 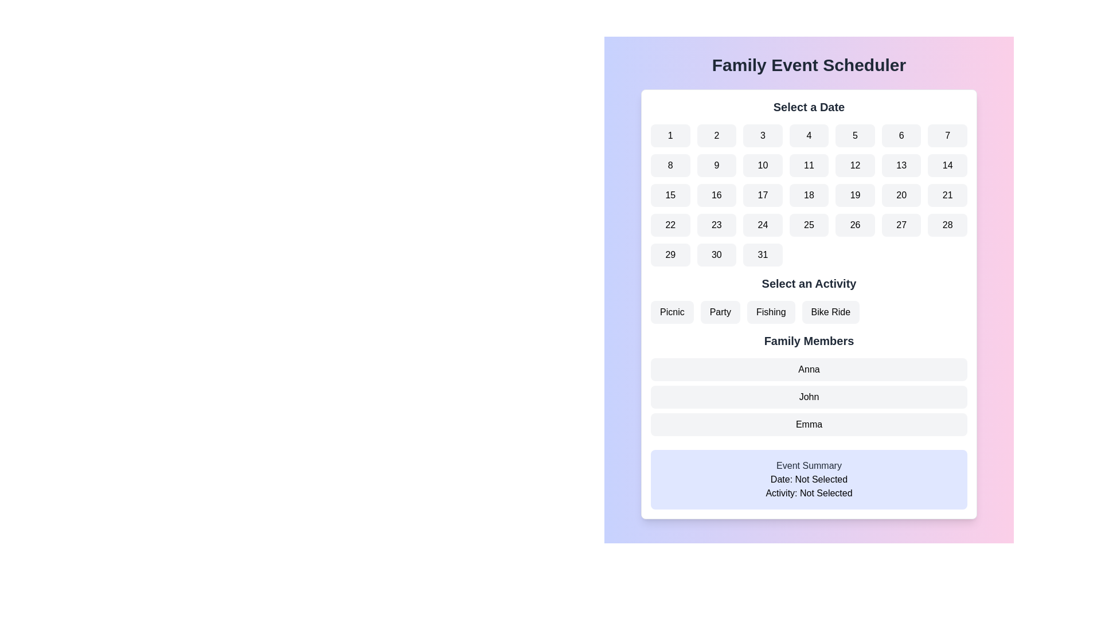 What do you see at coordinates (809, 166) in the screenshot?
I see `the rounded rectangular button displaying the number '11' in the 'Select a Date' section` at bounding box center [809, 166].